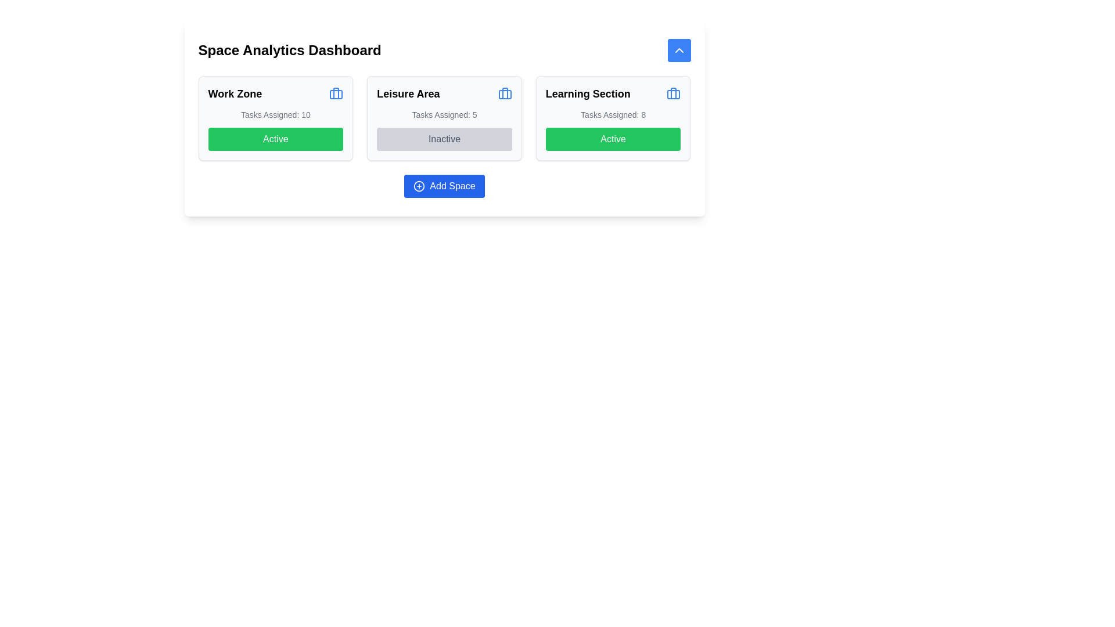  I want to click on the green button labeled 'Active' located at the bottom of the 'Learning Section' card, so click(613, 138).